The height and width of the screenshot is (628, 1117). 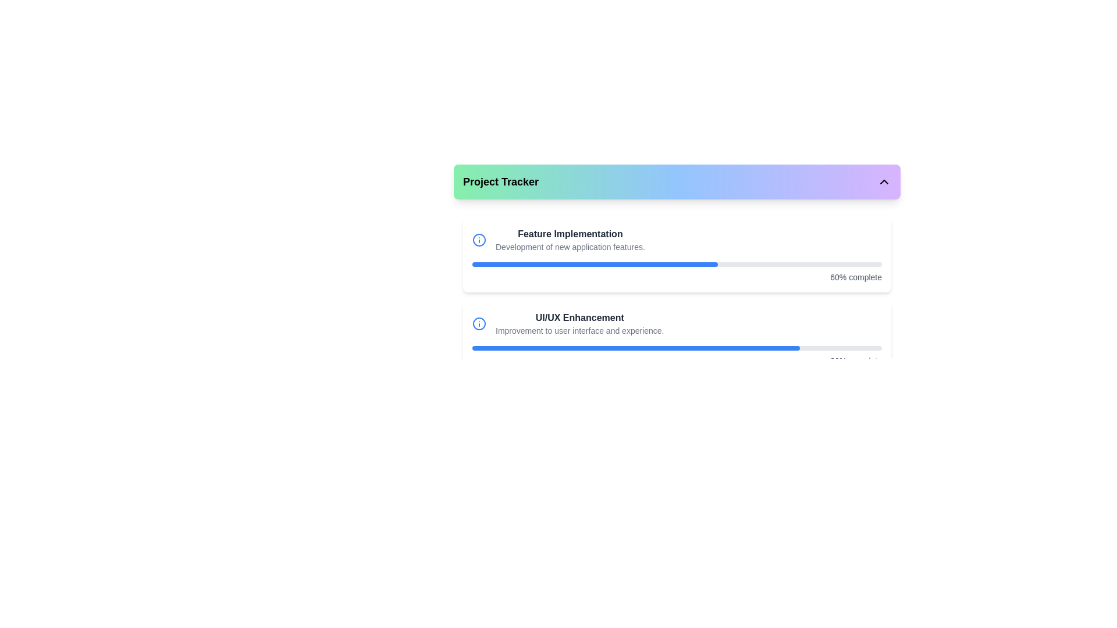 What do you see at coordinates (677, 265) in the screenshot?
I see `the Progress Bar located within the card labeled 'Feature Implementation', positioned horizontally beneath the descriptive text and title, and above the percentage text '60% complete'` at bounding box center [677, 265].